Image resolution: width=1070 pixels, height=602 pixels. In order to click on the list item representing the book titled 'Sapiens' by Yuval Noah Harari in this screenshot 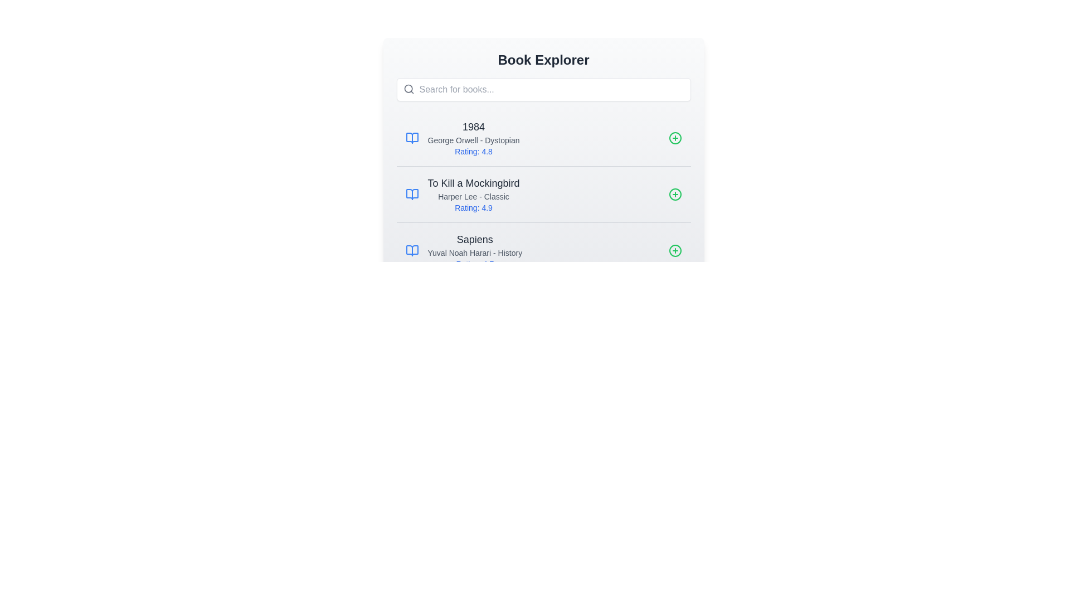, I will do `click(543, 250)`.